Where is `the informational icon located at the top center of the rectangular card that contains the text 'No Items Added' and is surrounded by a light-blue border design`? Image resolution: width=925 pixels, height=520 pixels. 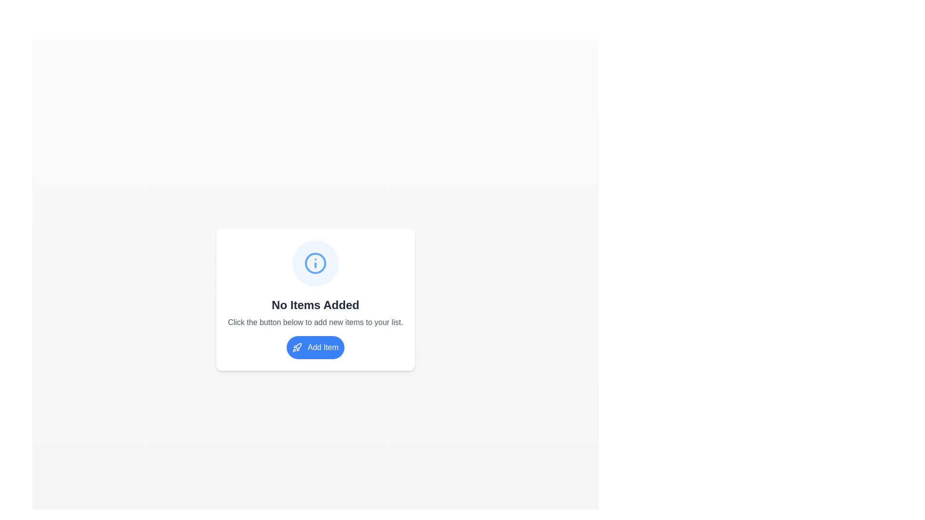 the informational icon located at the top center of the rectangular card that contains the text 'No Items Added' and is surrounded by a light-blue border design is located at coordinates (315, 263).